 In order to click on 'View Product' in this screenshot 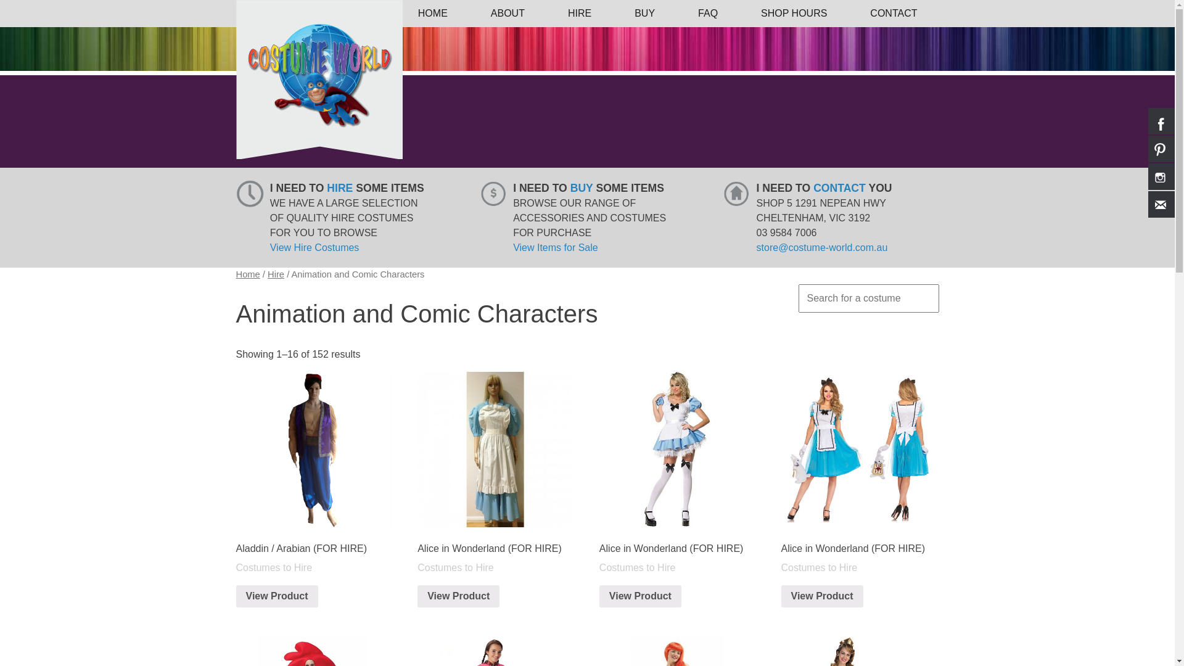, I will do `click(236, 596)`.